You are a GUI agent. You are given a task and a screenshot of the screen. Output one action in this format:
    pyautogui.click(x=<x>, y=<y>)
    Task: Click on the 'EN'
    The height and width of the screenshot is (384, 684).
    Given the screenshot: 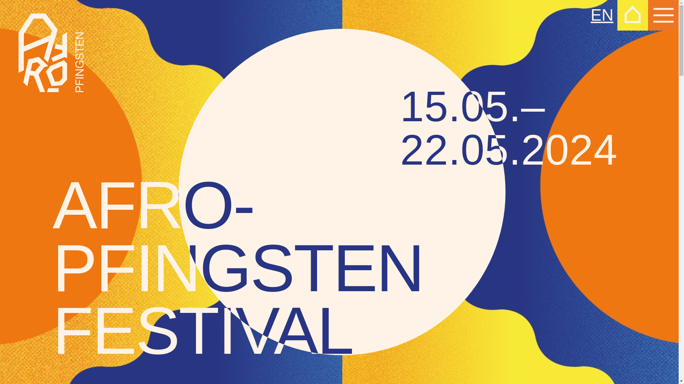 What is the action you would take?
    pyautogui.click(x=590, y=15)
    